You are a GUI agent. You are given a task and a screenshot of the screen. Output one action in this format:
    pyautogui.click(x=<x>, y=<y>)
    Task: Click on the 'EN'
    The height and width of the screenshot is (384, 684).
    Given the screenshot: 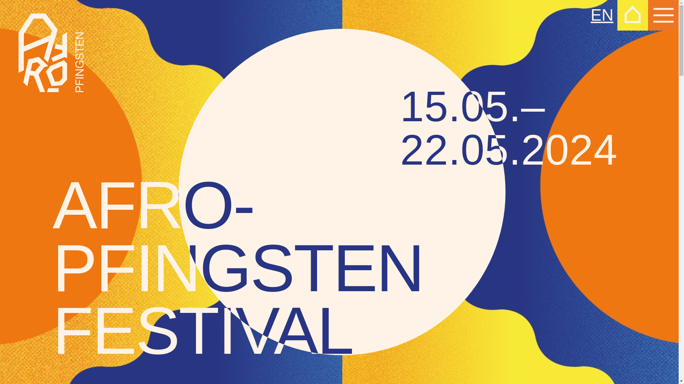 What is the action you would take?
    pyautogui.click(x=590, y=15)
    